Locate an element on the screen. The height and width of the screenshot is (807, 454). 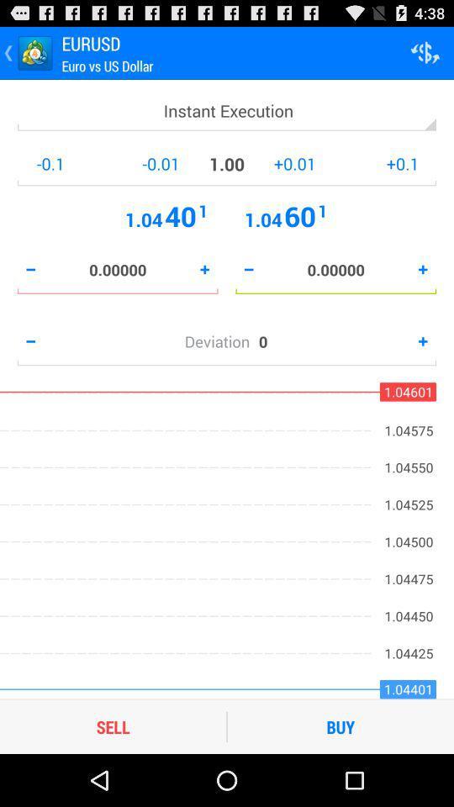
buy item is located at coordinates (340, 725).